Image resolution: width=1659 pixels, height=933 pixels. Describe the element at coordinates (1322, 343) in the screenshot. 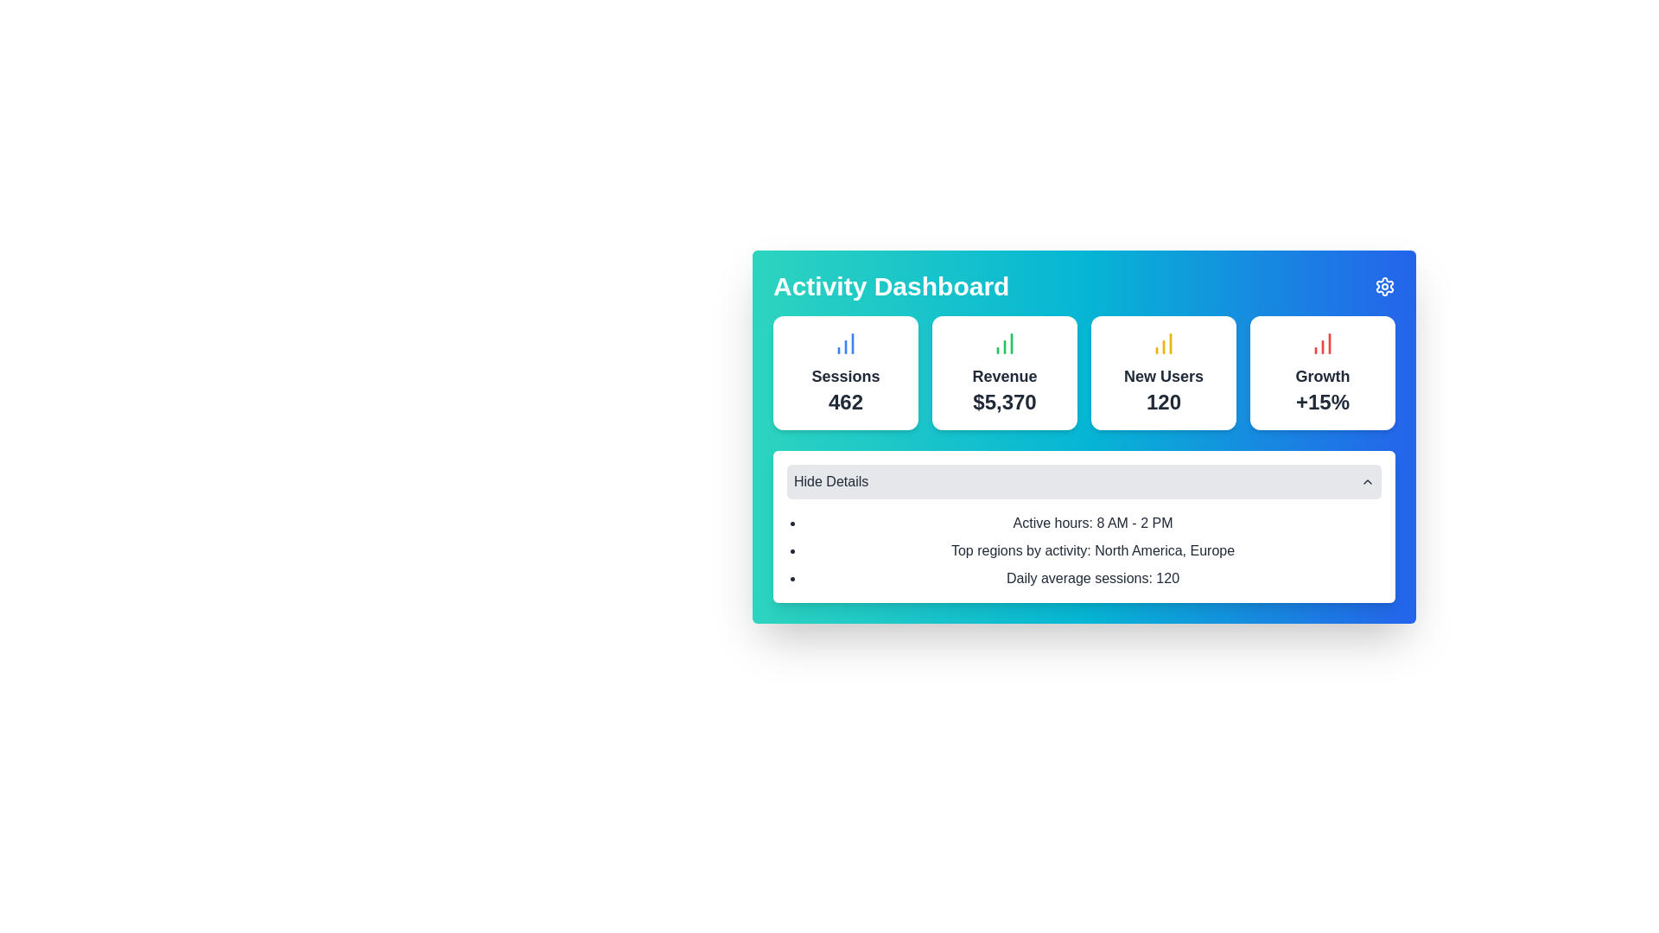

I see `the red bar chart icon situated above the 'Growth' text in the fourth summary card under the 'Activity Dashboard'` at that location.